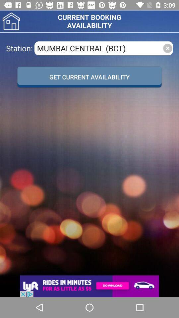 The width and height of the screenshot is (179, 318). What do you see at coordinates (89, 286) in the screenshot?
I see `open advertisement page` at bounding box center [89, 286].